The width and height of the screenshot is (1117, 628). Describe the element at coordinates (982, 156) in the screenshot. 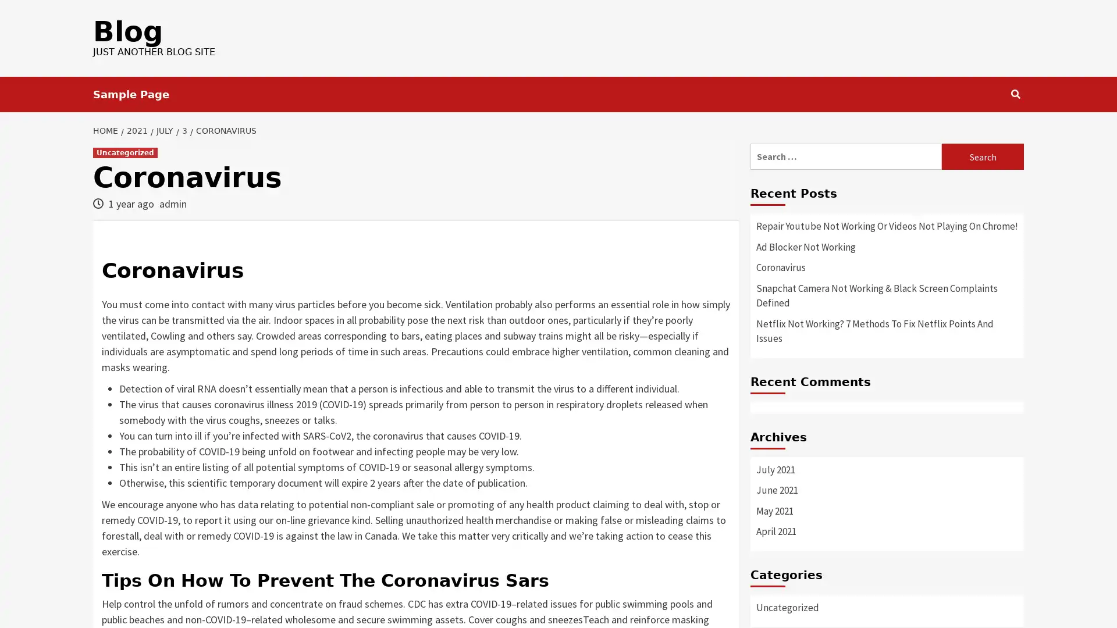

I see `Search` at that location.